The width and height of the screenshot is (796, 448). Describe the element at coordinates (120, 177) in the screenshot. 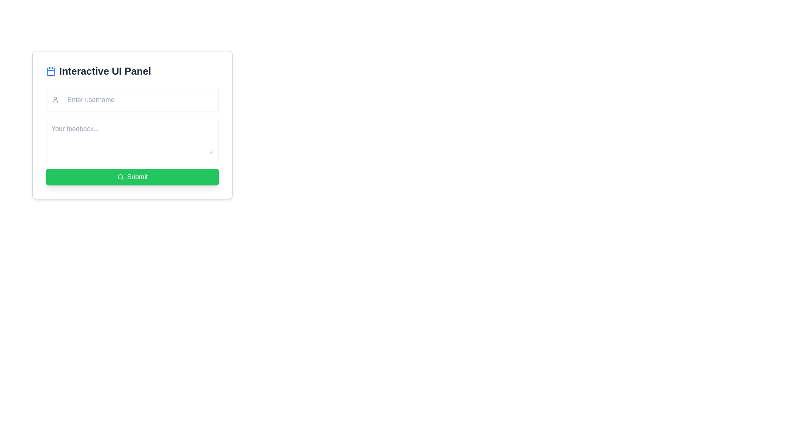

I see `the search-related icon located on the left side of the 'Submit' button, which visually complements the button and indicates a confirmation action` at that location.